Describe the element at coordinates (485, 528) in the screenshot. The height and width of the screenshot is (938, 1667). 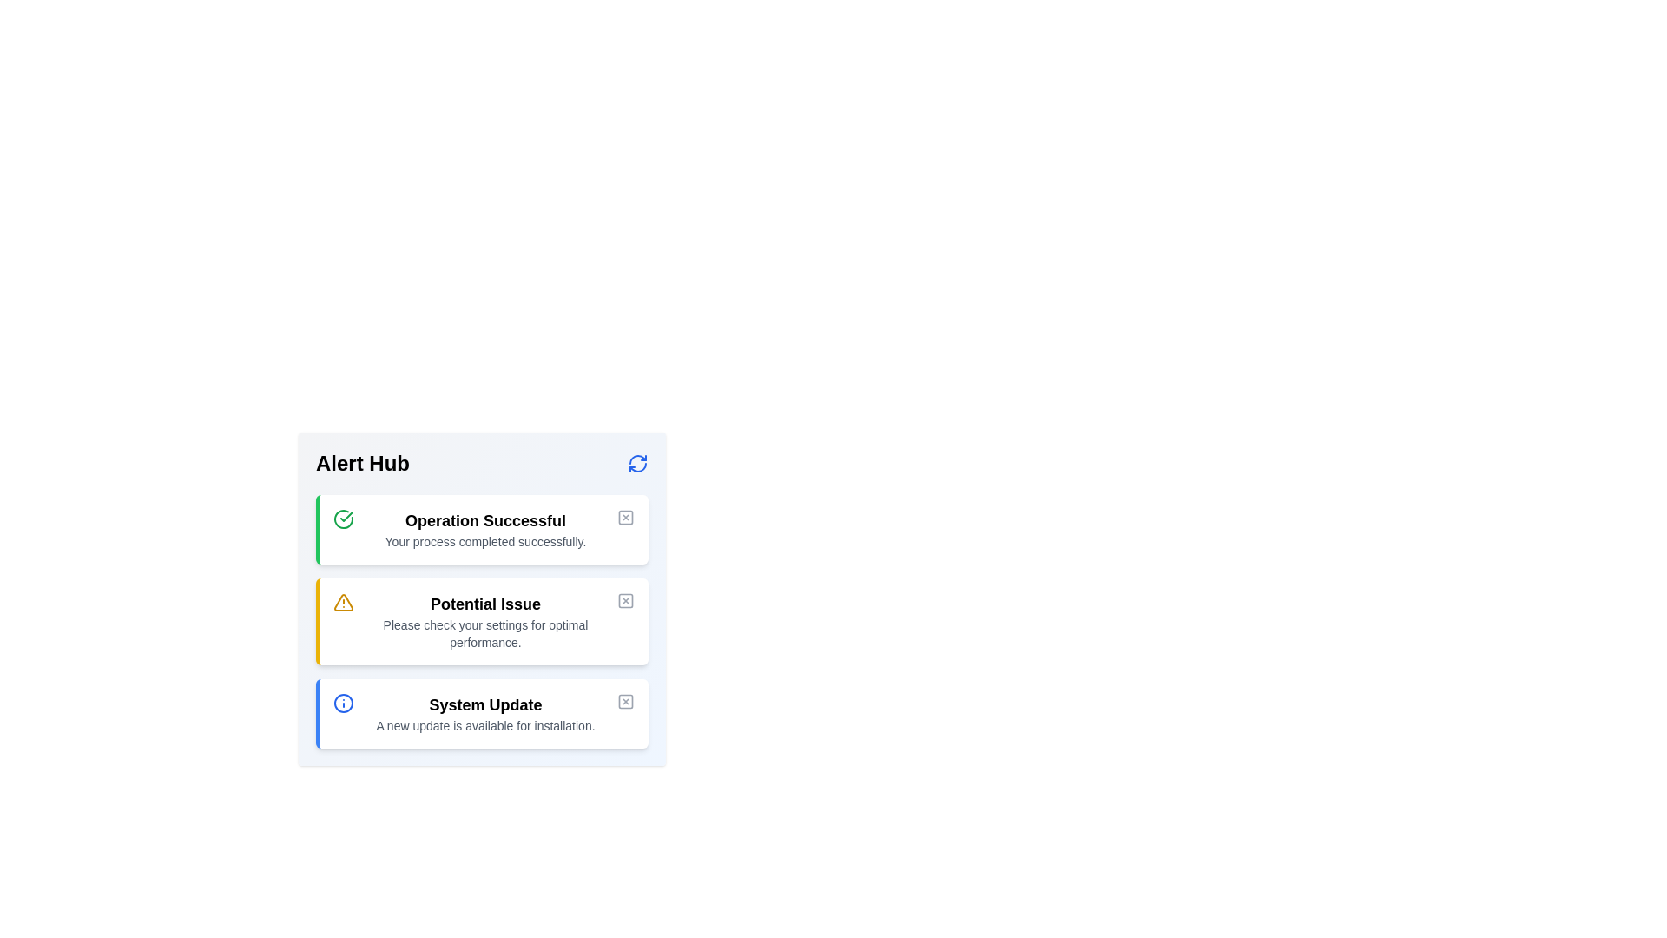
I see `the success message text block in the 'Alert Hub' section, which is the topmost item in a green-accented box indicating a successful operation` at that location.